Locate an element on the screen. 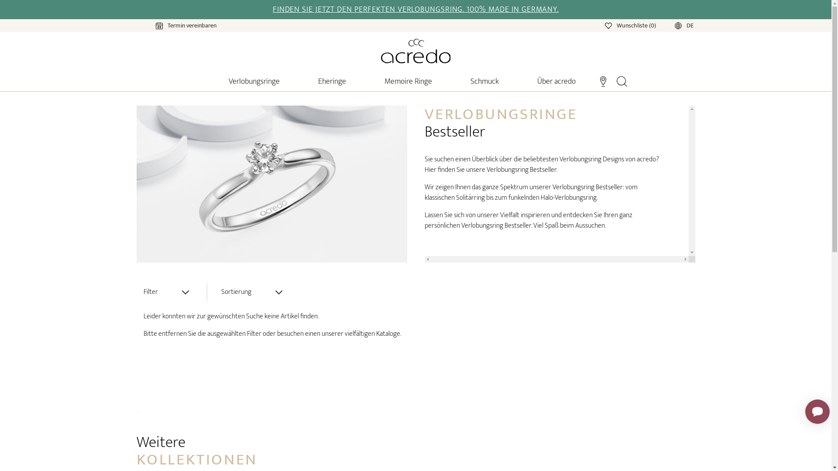  'Wunschliste (0)' is located at coordinates (631, 24).